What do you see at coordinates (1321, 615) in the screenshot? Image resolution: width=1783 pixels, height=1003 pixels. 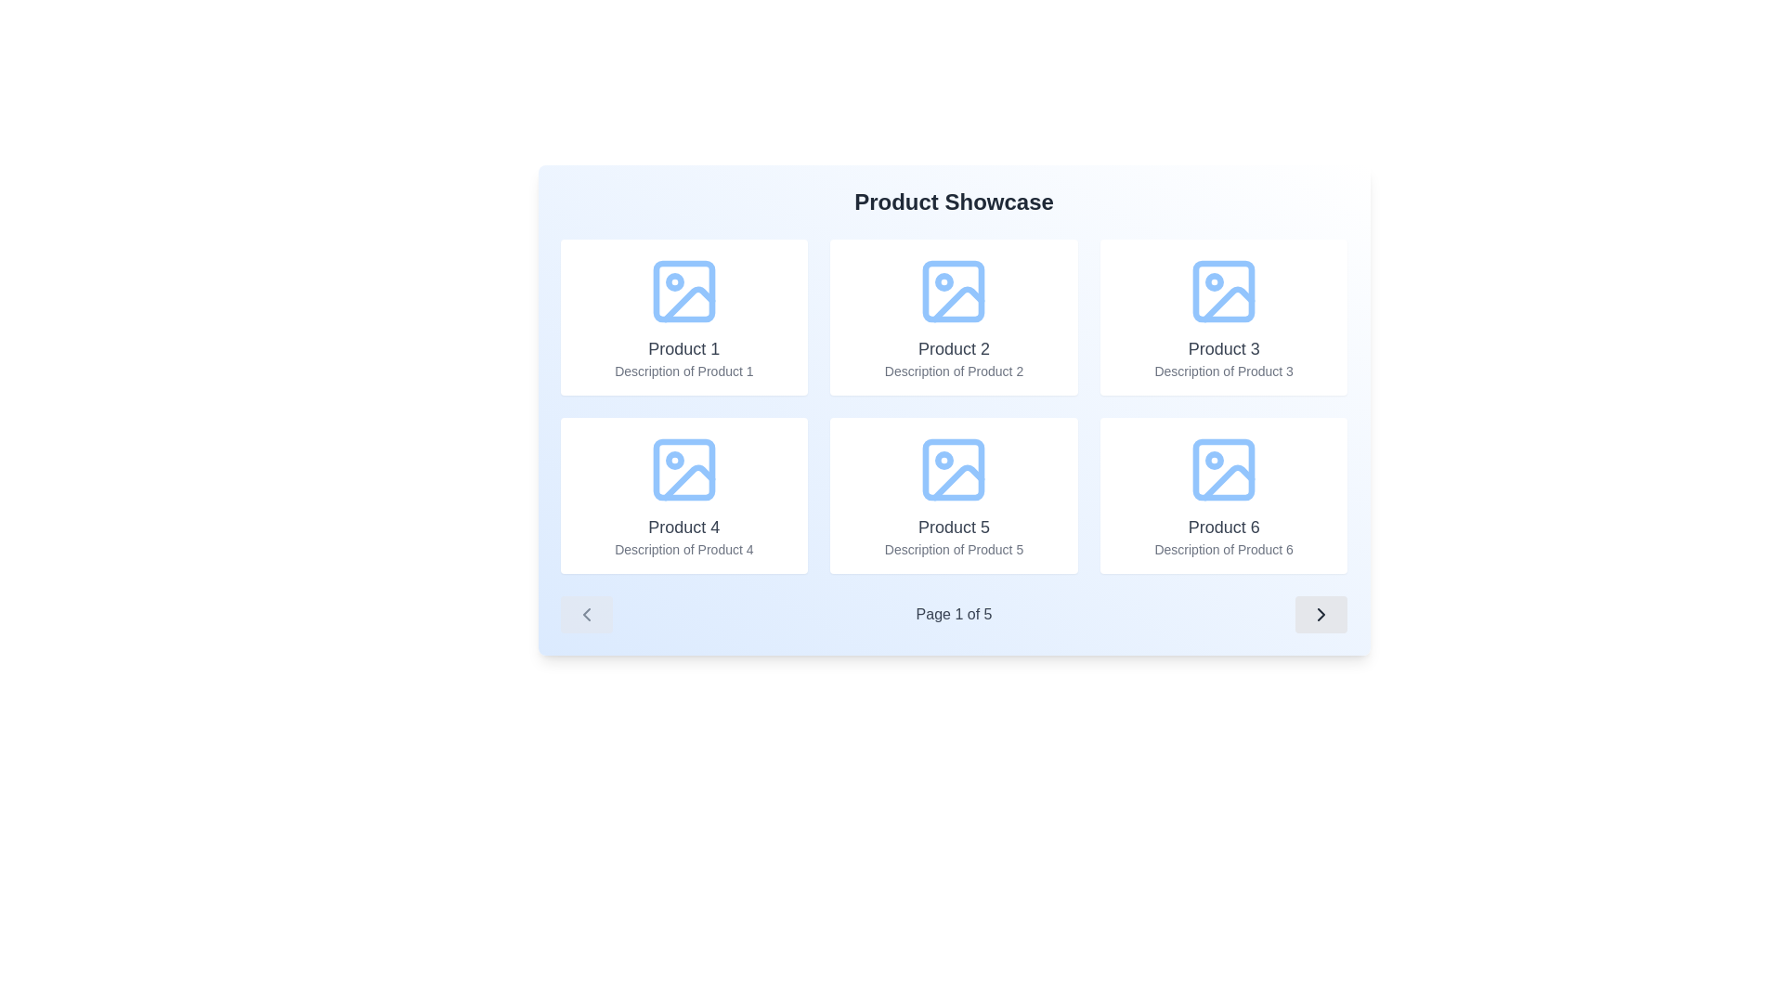 I see `the 'Next Page' button located at the rightmost position in the bottom navigation bar` at bounding box center [1321, 615].